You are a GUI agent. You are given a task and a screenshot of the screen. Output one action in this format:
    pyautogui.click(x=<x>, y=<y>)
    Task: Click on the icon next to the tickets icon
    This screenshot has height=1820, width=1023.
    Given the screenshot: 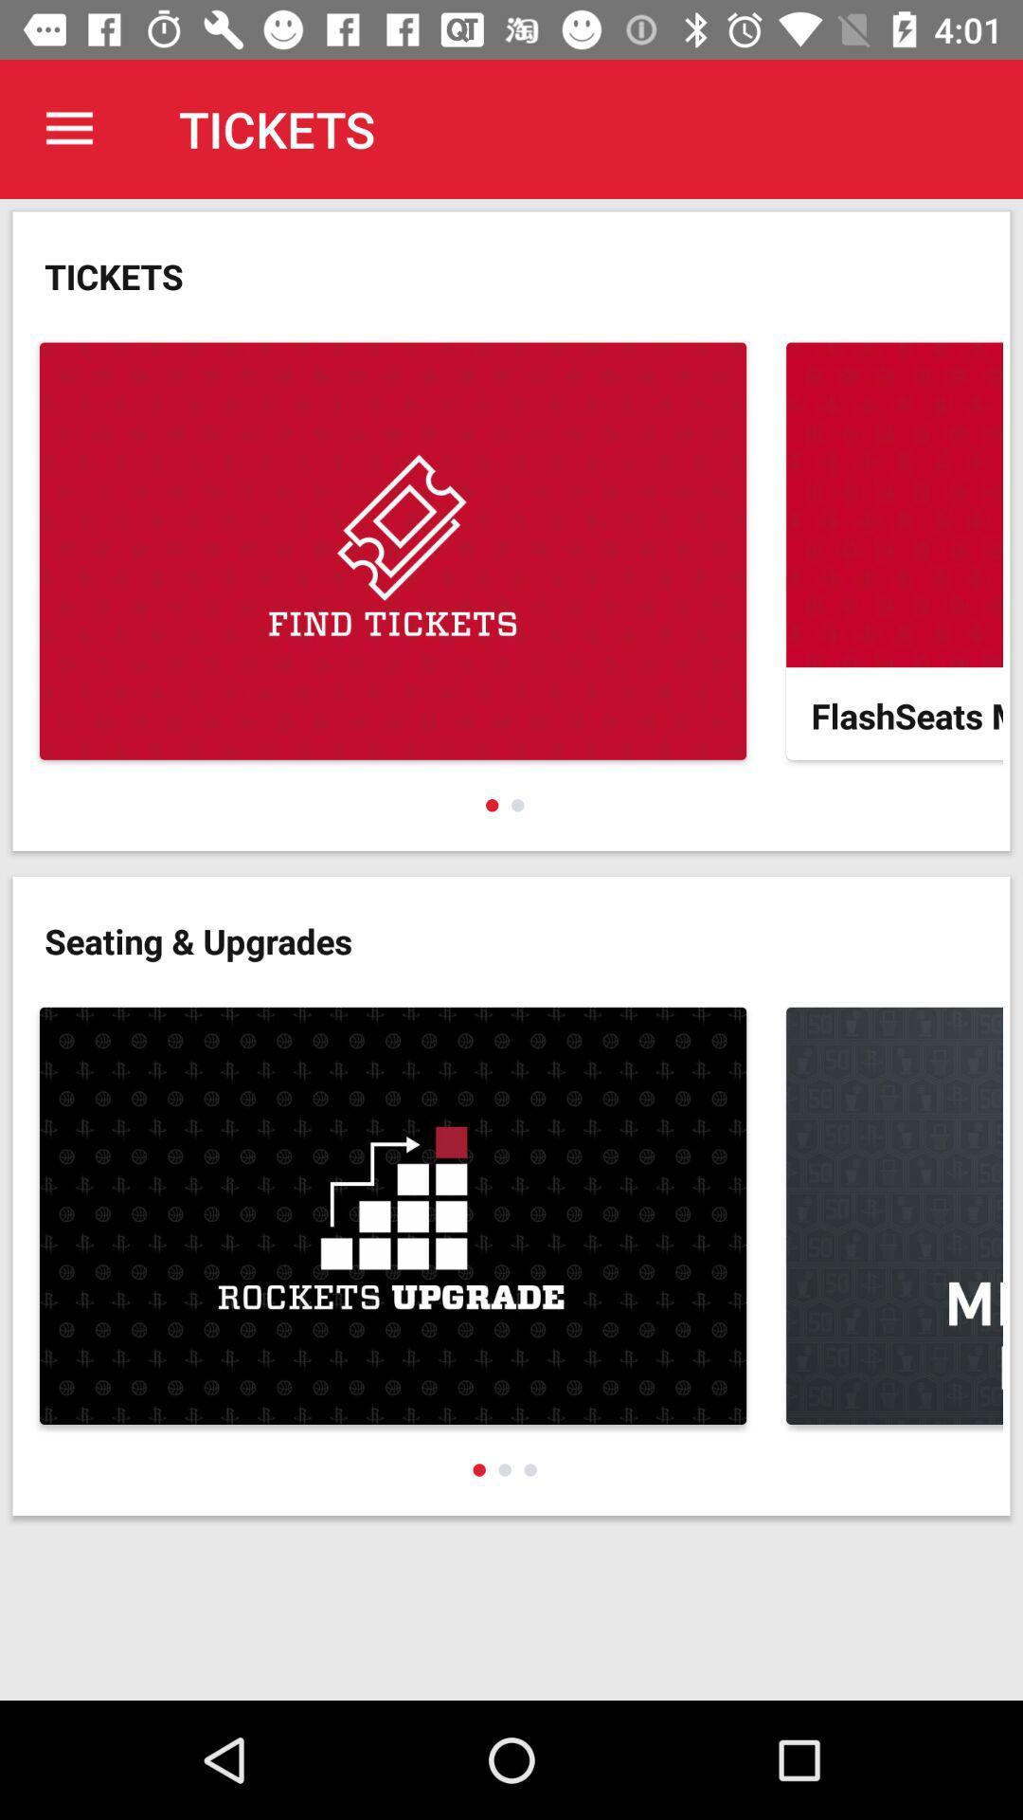 What is the action you would take?
    pyautogui.click(x=68, y=128)
    